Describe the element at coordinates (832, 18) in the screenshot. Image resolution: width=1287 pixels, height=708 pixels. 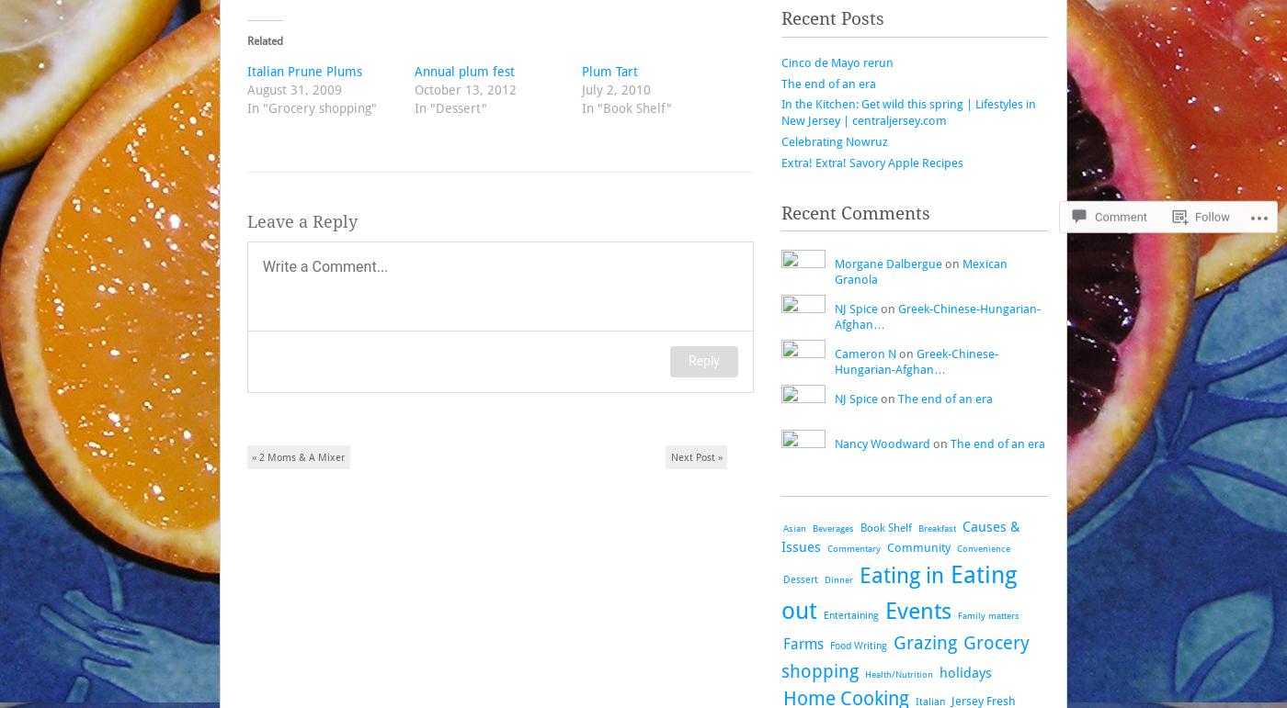
I see `'Recent Posts'` at that location.